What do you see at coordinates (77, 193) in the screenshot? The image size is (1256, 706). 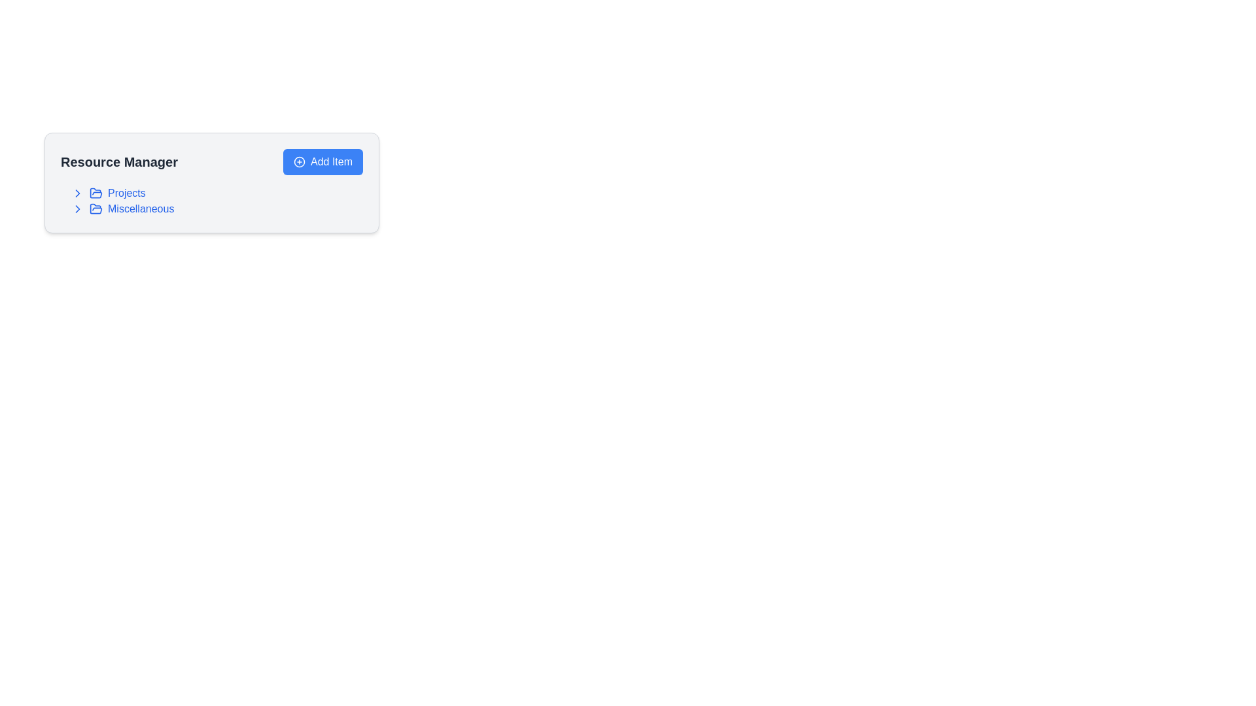 I see `the small right-pointing chevron icon located to the left of the 'Projects' label` at bounding box center [77, 193].